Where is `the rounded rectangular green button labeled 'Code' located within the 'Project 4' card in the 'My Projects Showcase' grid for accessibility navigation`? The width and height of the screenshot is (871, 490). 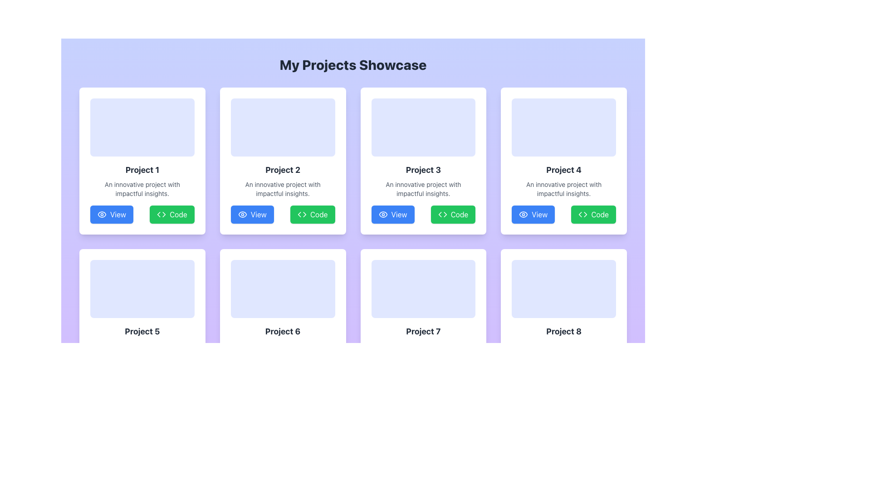 the rounded rectangular green button labeled 'Code' located within the 'Project 4' card in the 'My Projects Showcase' grid for accessibility navigation is located at coordinates (593, 215).